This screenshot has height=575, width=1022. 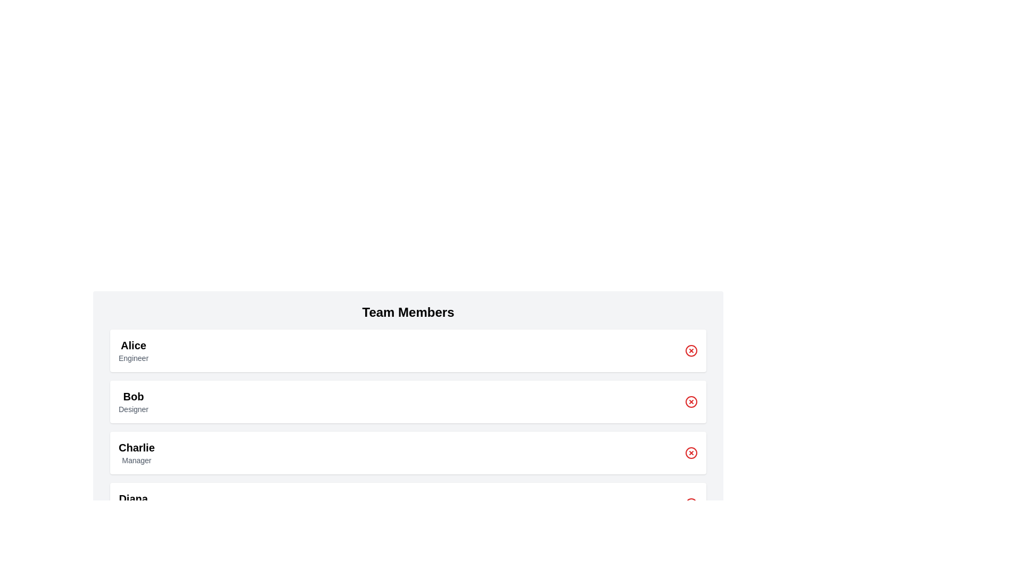 I want to click on the composite text label displaying user information for 'Alice' the Engineer, which is the first item in the team members list, so click(x=133, y=351).